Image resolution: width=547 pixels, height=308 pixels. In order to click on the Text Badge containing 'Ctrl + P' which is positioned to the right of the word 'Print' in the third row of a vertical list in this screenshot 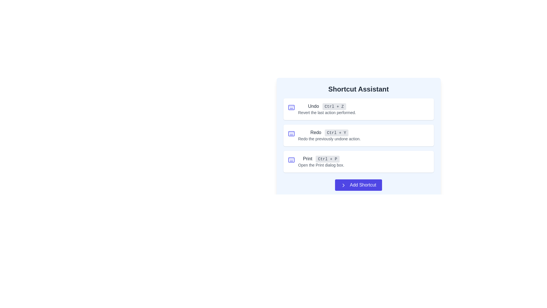, I will do `click(327, 159)`.